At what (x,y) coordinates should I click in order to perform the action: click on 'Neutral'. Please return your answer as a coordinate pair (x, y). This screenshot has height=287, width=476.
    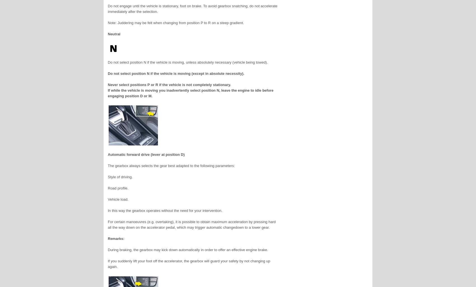
    Looking at the image, I should click on (113, 34).